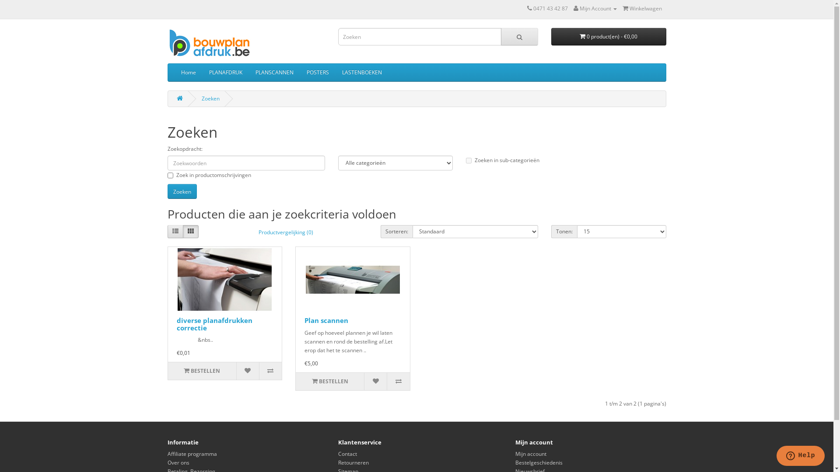 The width and height of the screenshot is (840, 472). What do you see at coordinates (539, 462) in the screenshot?
I see `'Bestelgeschiedenis'` at bounding box center [539, 462].